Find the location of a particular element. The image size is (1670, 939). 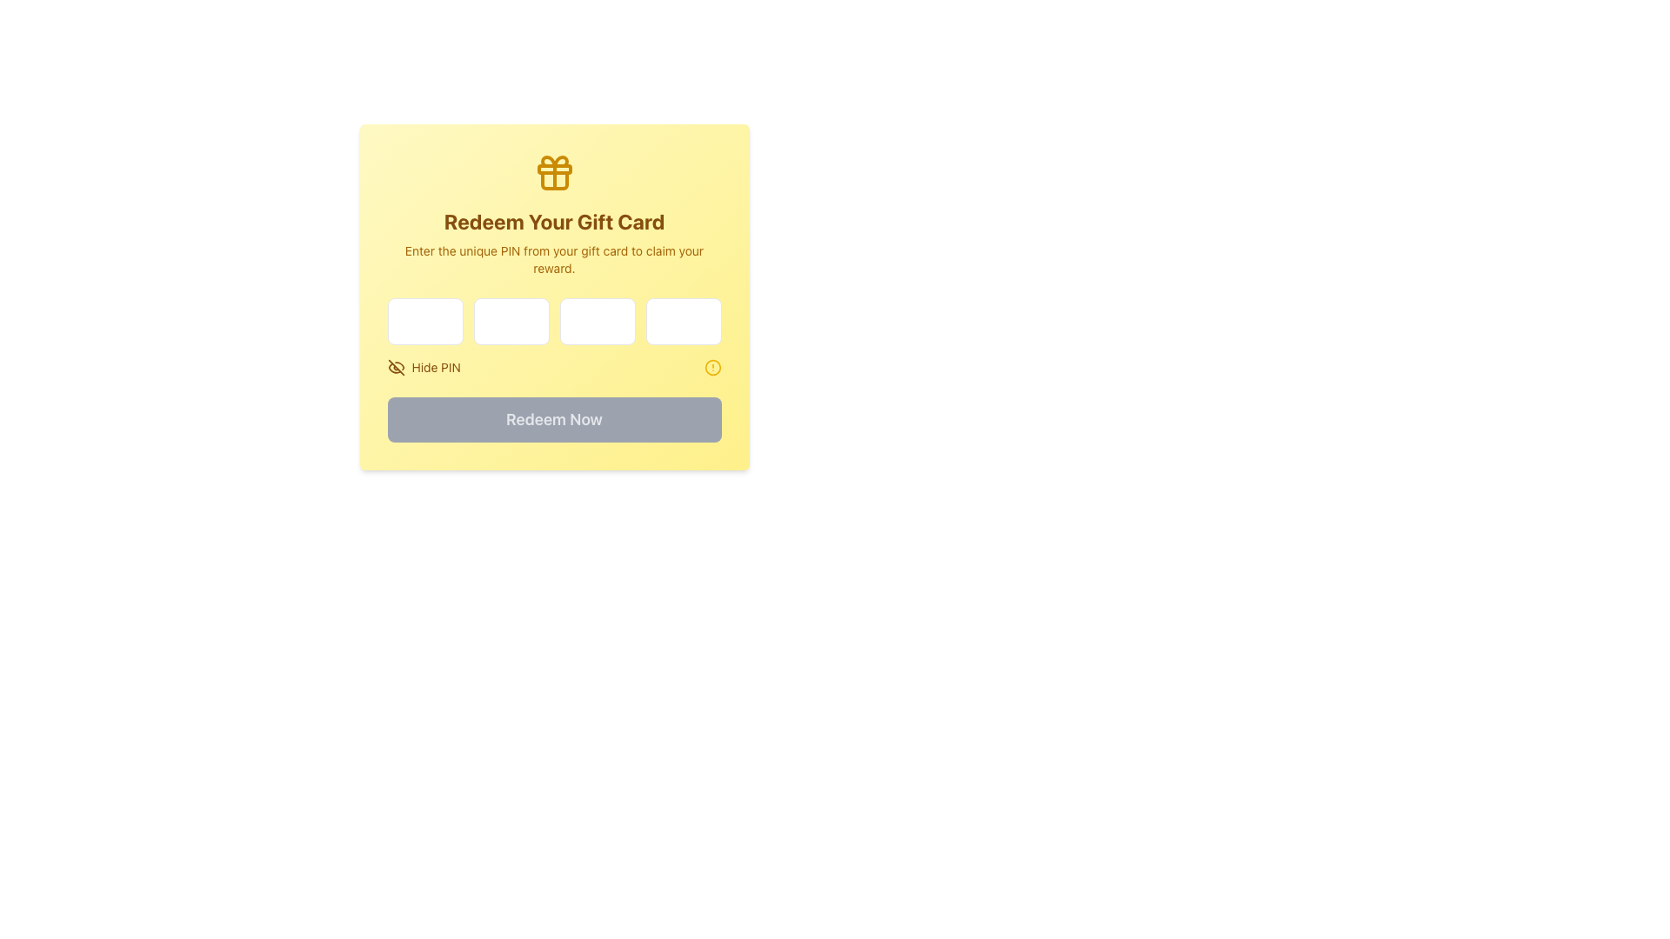

the 'Hide PIN' button, which is a text-based UI component with an eye icon and bold text, located below the PIN input fields and to the left of the 'Redeem Now' button is located at coordinates (424, 367).